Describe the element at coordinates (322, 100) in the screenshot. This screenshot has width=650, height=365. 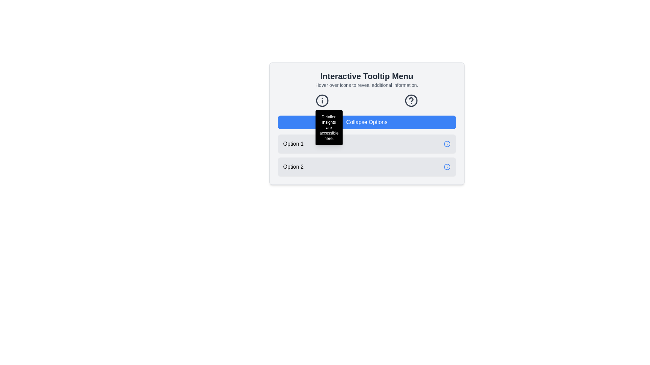
I see `the leftmost icon in the upper section of the interface` at that location.